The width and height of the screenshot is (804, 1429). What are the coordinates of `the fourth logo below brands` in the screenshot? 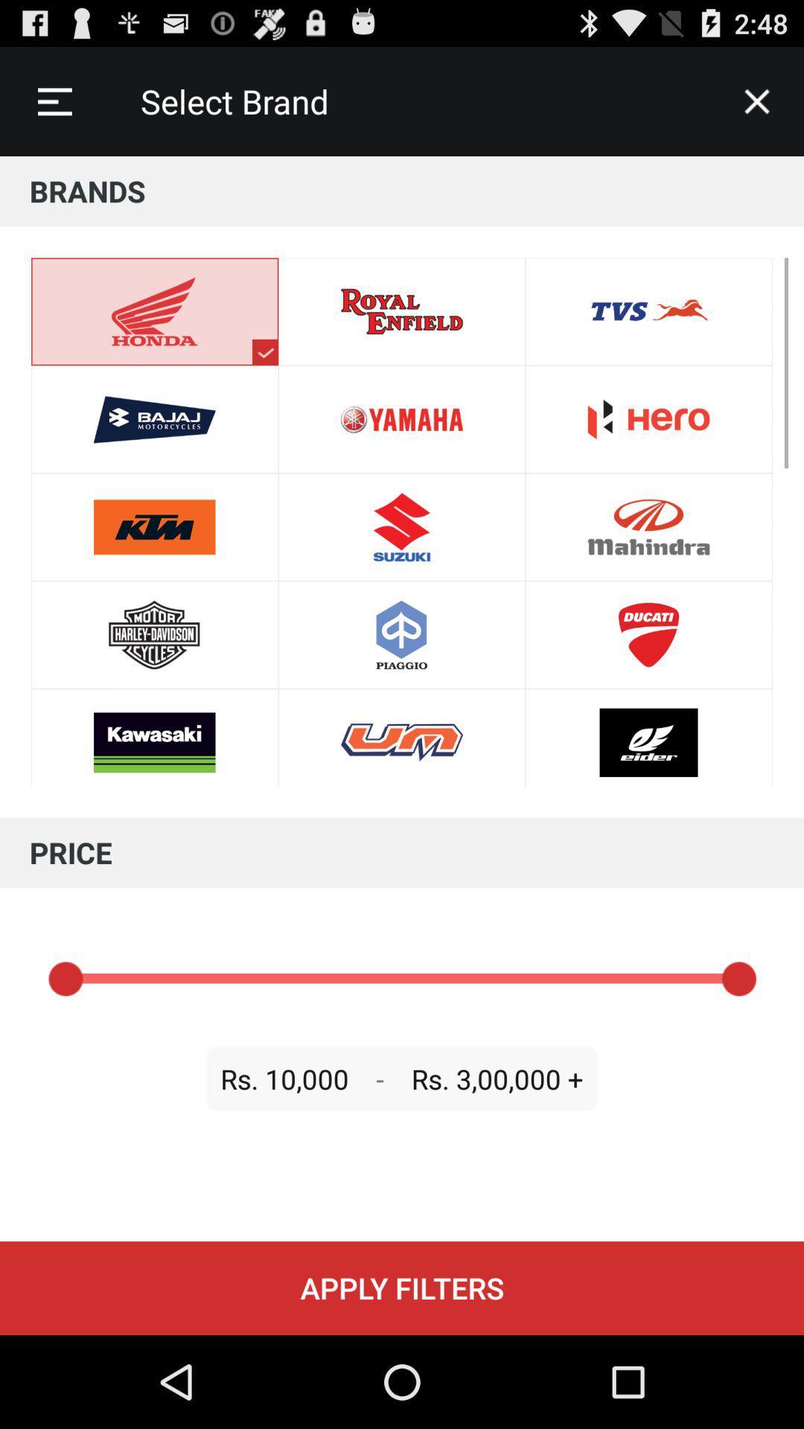 It's located at (155, 635).